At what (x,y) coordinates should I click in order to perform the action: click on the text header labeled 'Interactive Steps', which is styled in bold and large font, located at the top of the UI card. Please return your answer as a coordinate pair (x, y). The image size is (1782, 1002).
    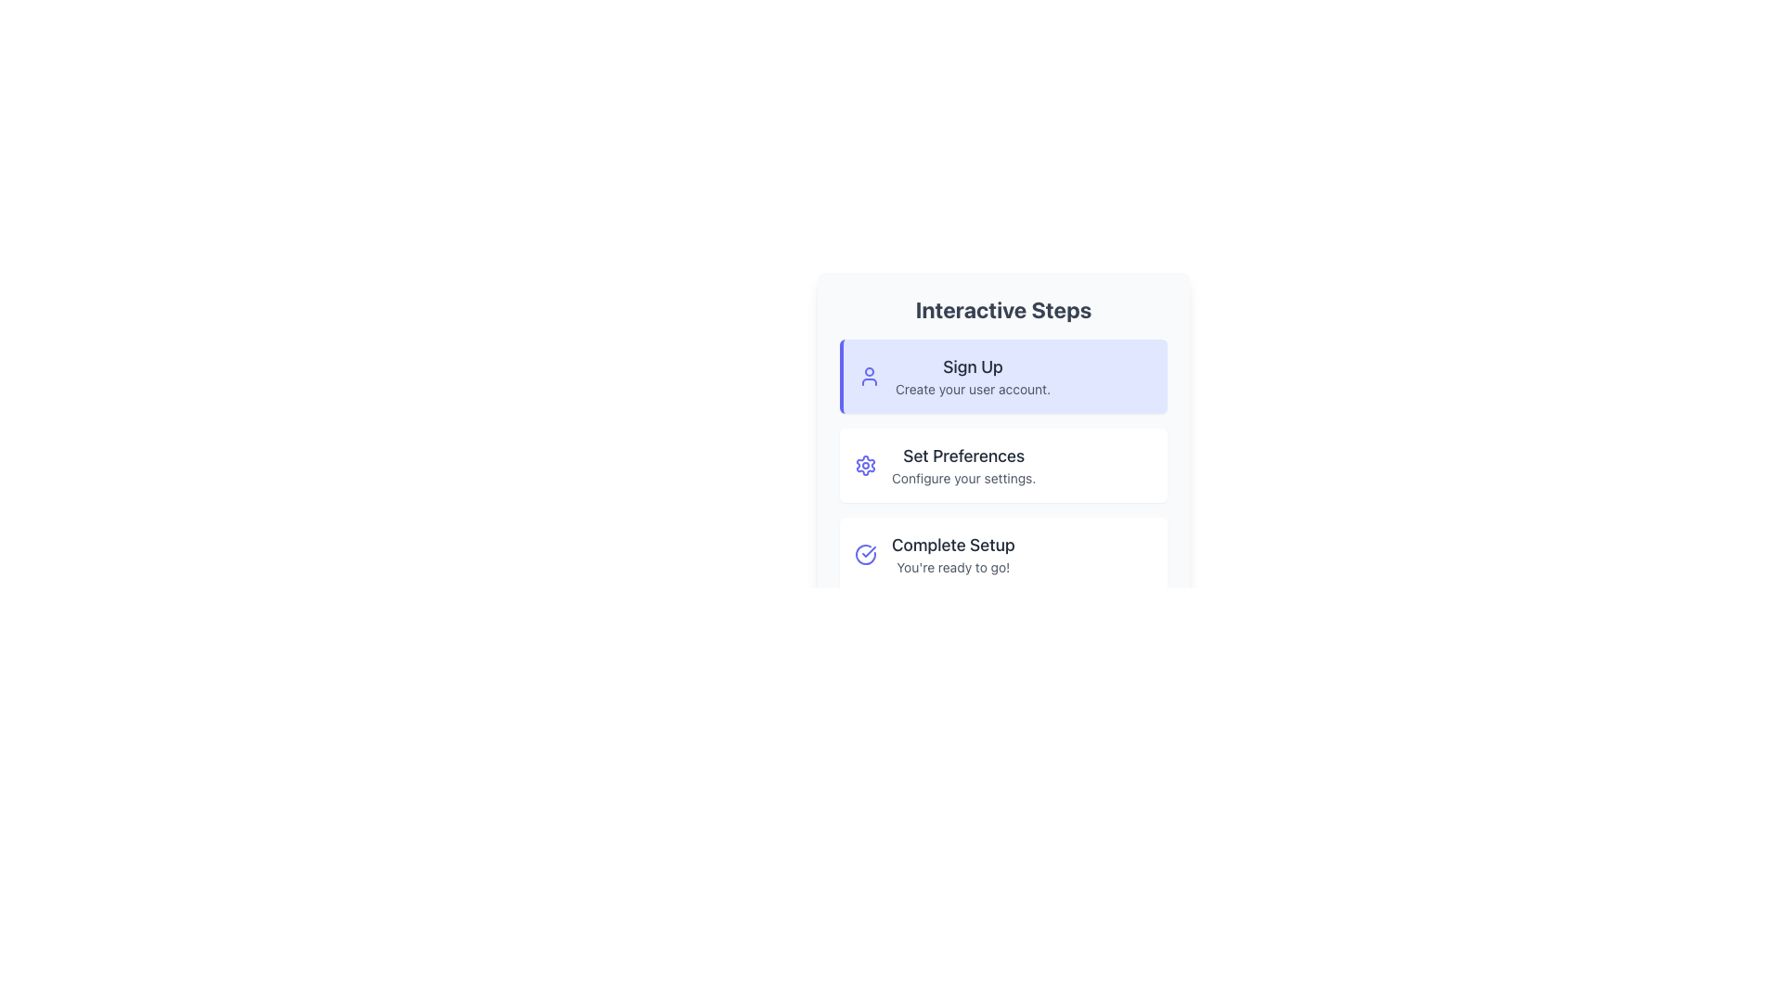
    Looking at the image, I should click on (1002, 309).